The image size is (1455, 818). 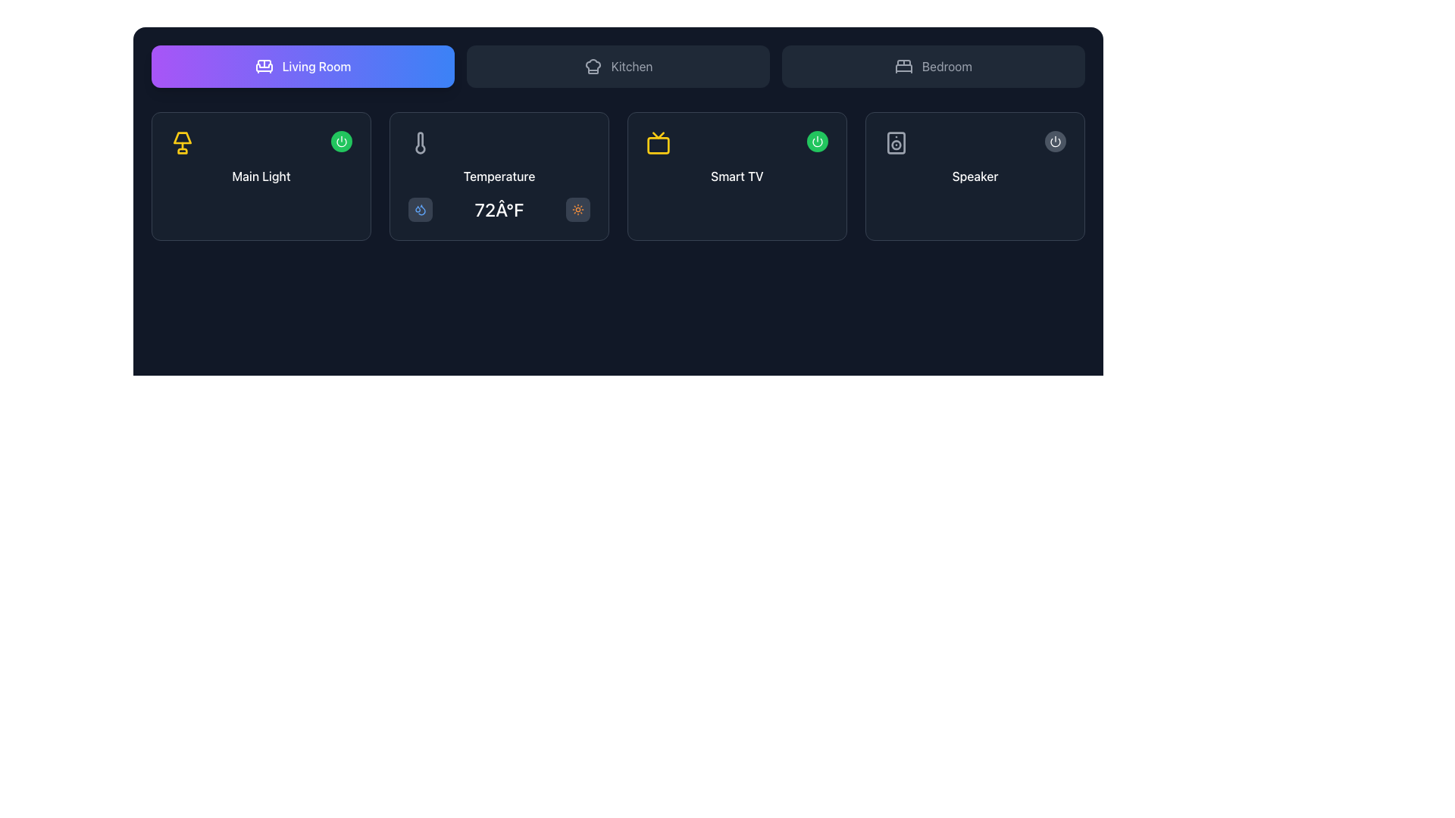 What do you see at coordinates (261, 175) in the screenshot?
I see `the 'Main Light' static text label displayed in white, bold font, located near the bottom center of the lamp control card, directly below the yellow lamp icon` at bounding box center [261, 175].